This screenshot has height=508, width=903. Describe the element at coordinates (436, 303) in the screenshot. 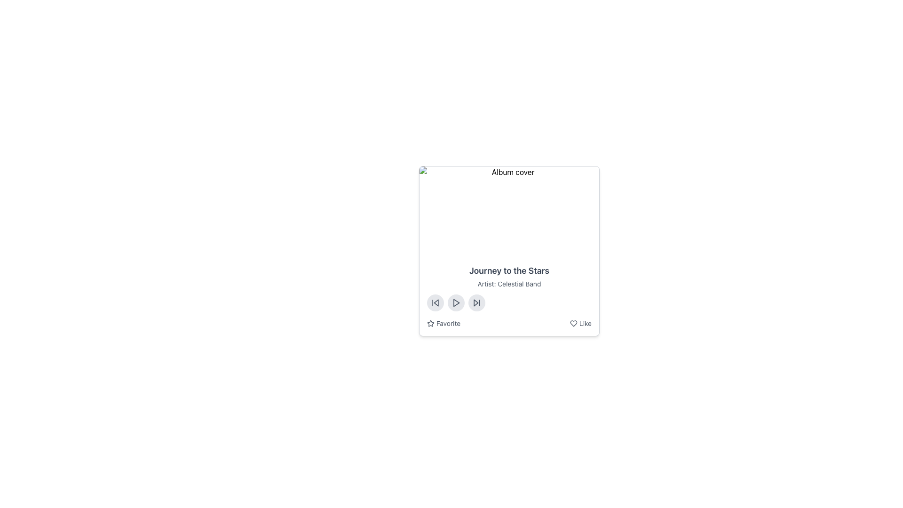

I see `the triangular shape of the backward navigation icon located in the audio control section at the bottom left corner of the interface` at that location.